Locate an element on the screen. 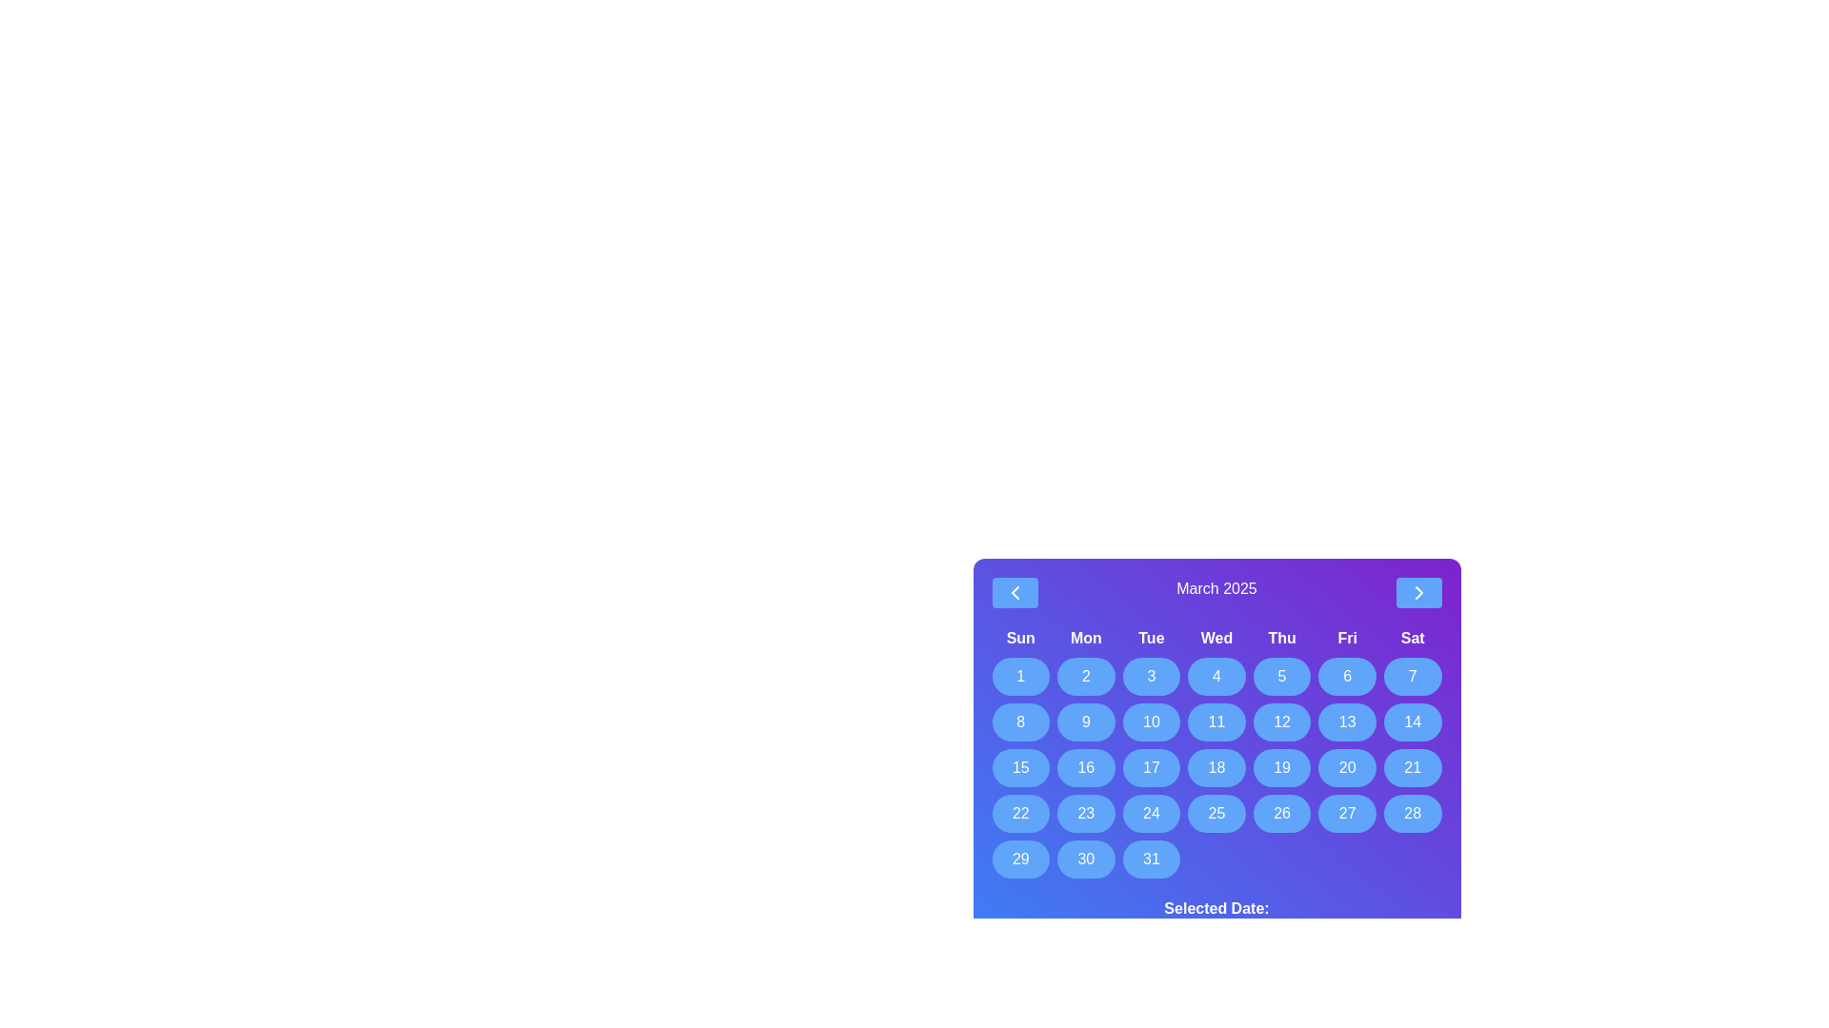 This screenshot has height=1028, width=1829. the circular blue button displaying the number '8' in white, located in the second row and first column of the calendar grid, directly below the 'Sun' header label is located at coordinates (1019, 722).